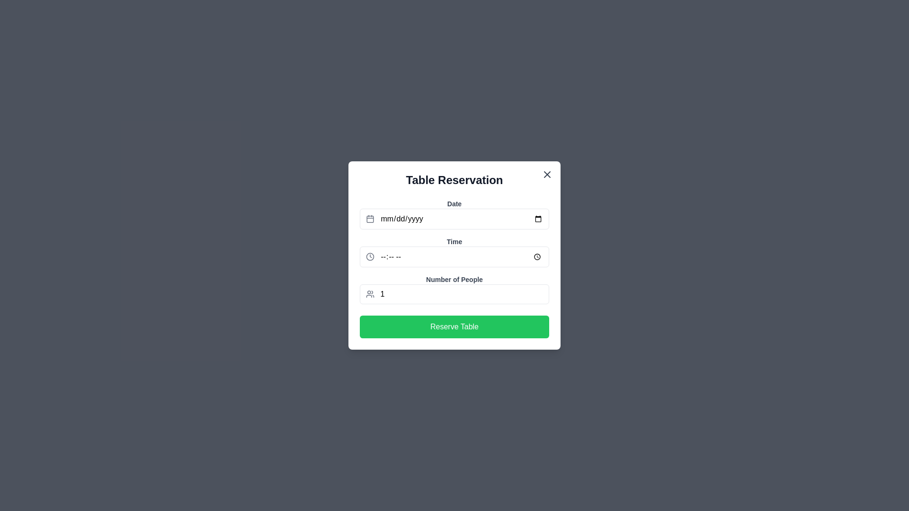 The height and width of the screenshot is (511, 909). I want to click on text label 'Number of People', which is styled in bold dark gray against a white background, located at the center of the modal above the number input field, so click(454, 279).